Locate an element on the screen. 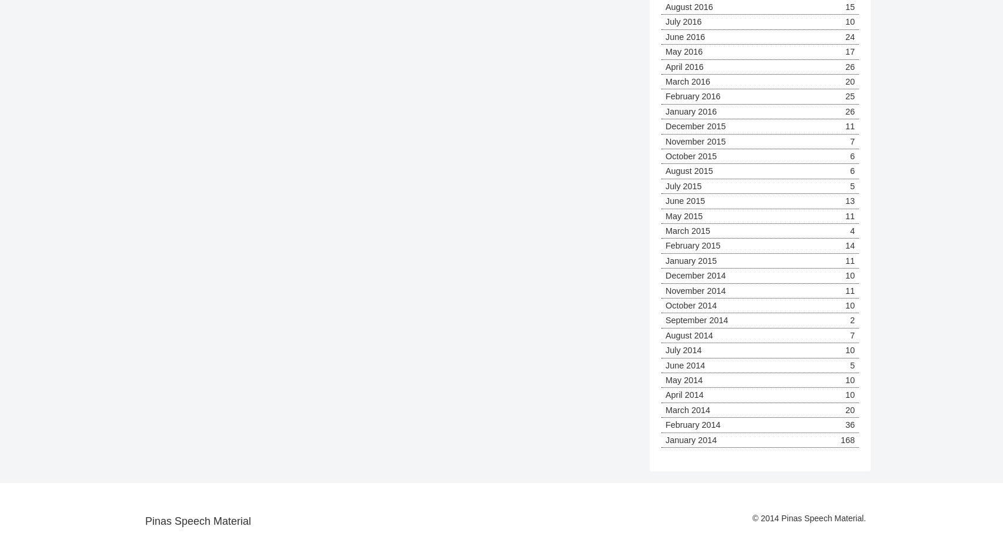 The image size is (1003, 533). 'Pinas Speech Material' is located at coordinates (145, 521).